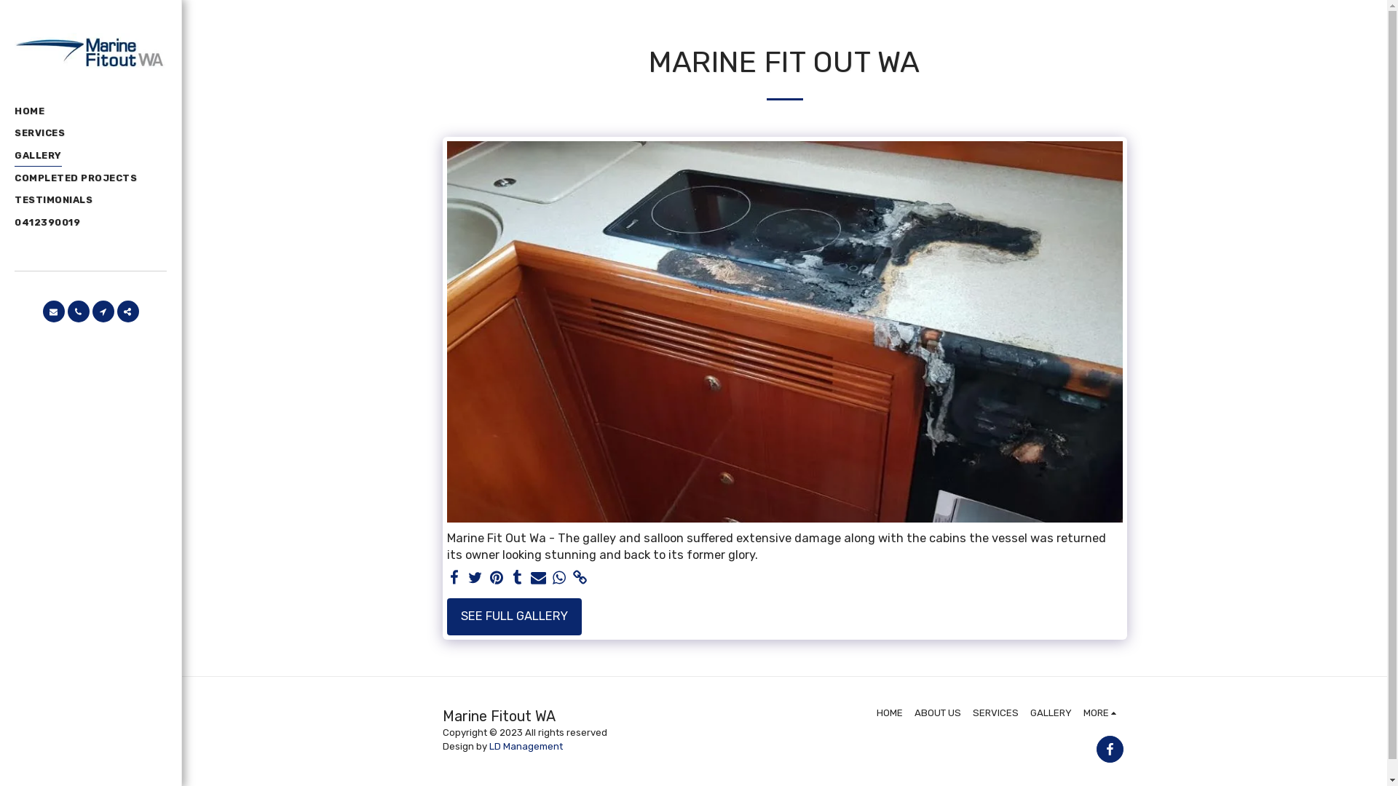 This screenshot has width=1398, height=786. What do you see at coordinates (39, 134) in the screenshot?
I see `'SERVICES'` at bounding box center [39, 134].